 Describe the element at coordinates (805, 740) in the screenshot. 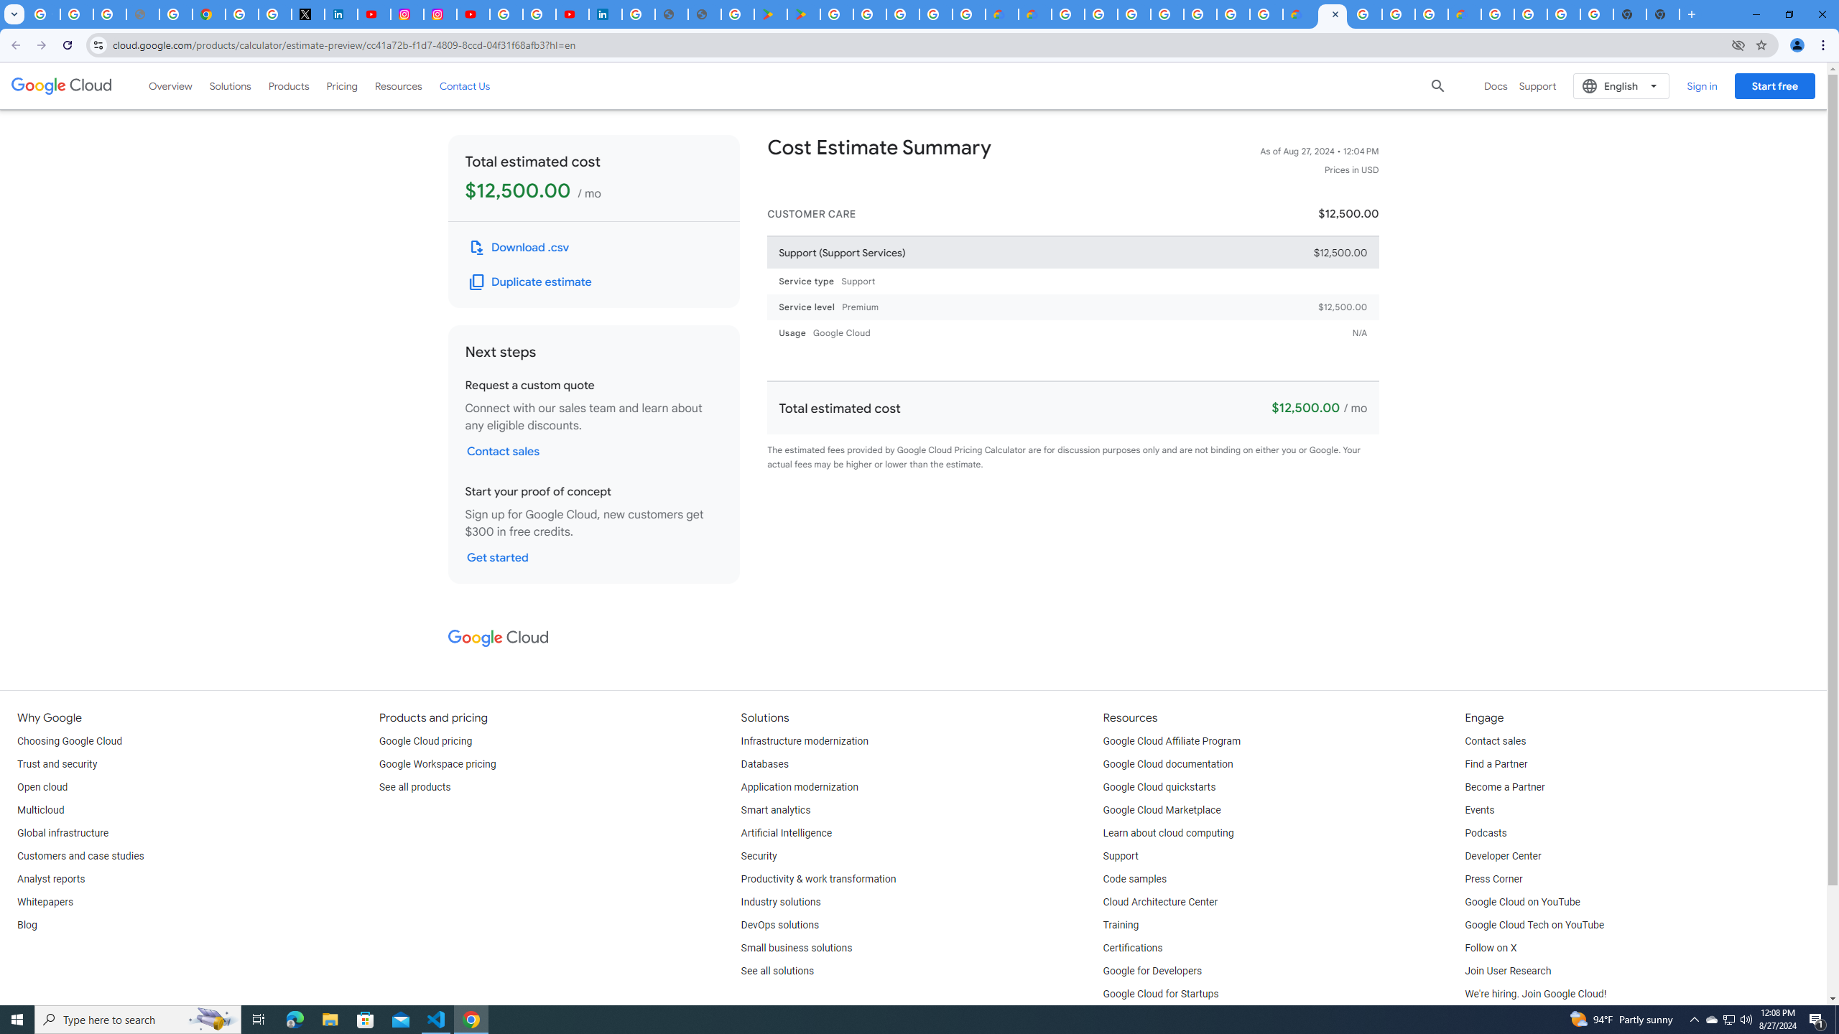

I see `'Infrastructure modernization'` at that location.